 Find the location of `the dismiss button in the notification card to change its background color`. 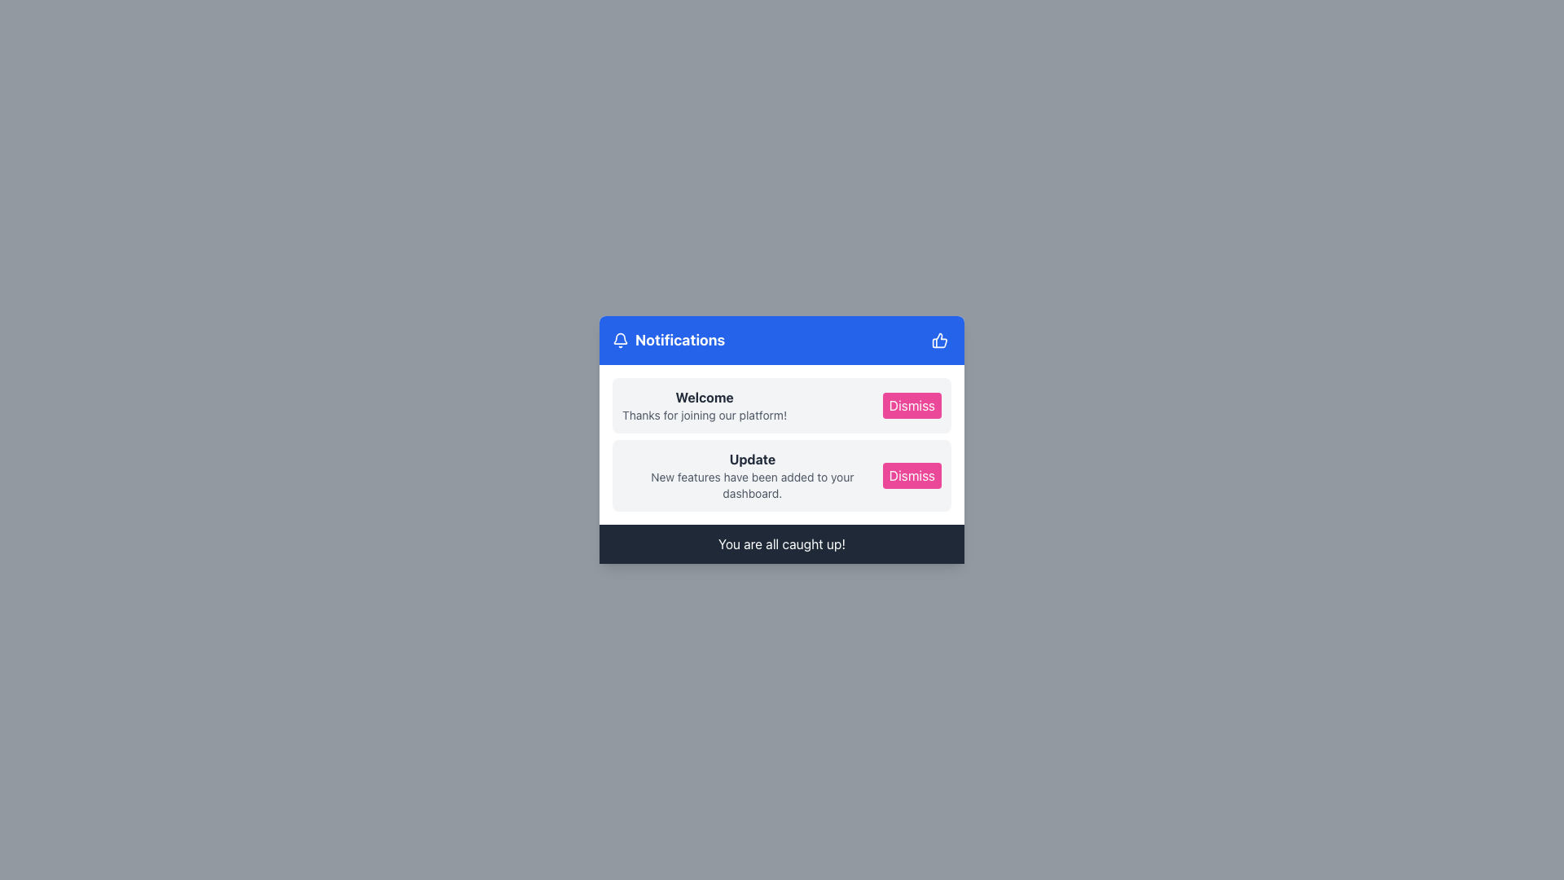

the dismiss button in the notification card to change its background color is located at coordinates (911, 404).